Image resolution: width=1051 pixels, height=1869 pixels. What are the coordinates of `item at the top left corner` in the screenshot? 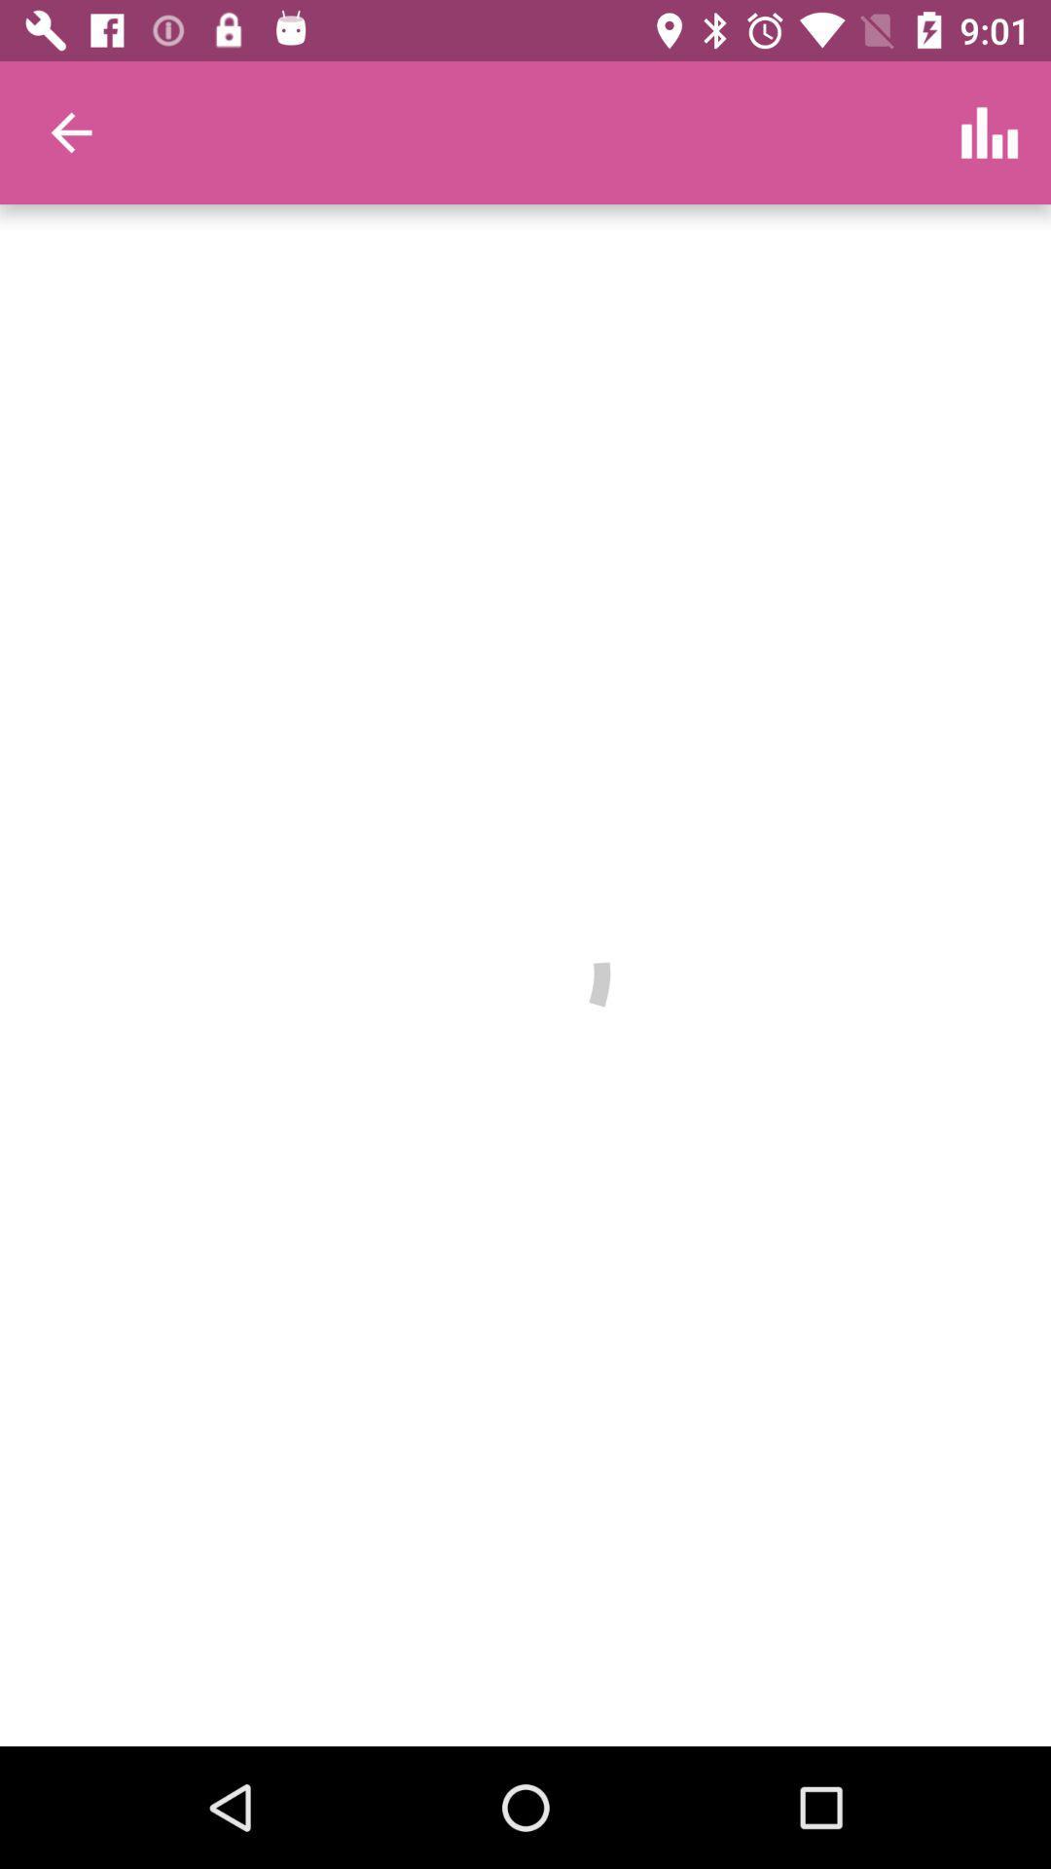 It's located at (70, 131).